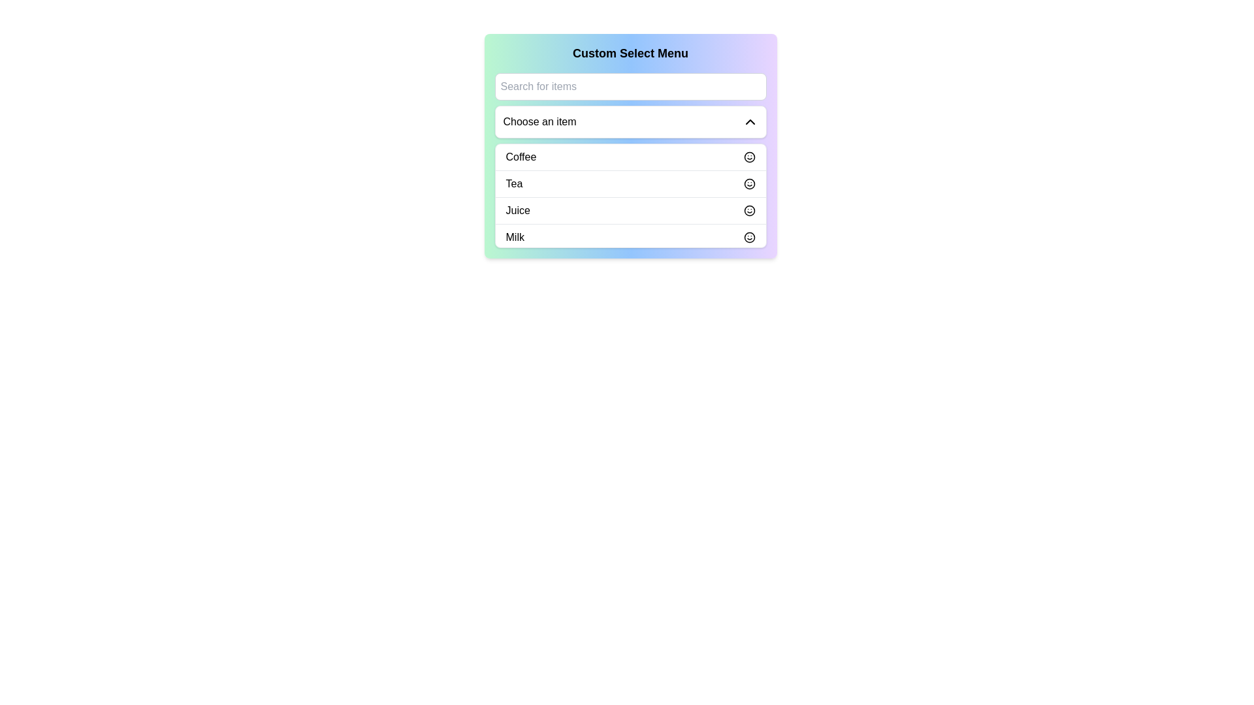 This screenshot has width=1254, height=705. Describe the element at coordinates (630, 183) in the screenshot. I see `the second selectable item in the drop-down menu labeled 'Tea'` at that location.